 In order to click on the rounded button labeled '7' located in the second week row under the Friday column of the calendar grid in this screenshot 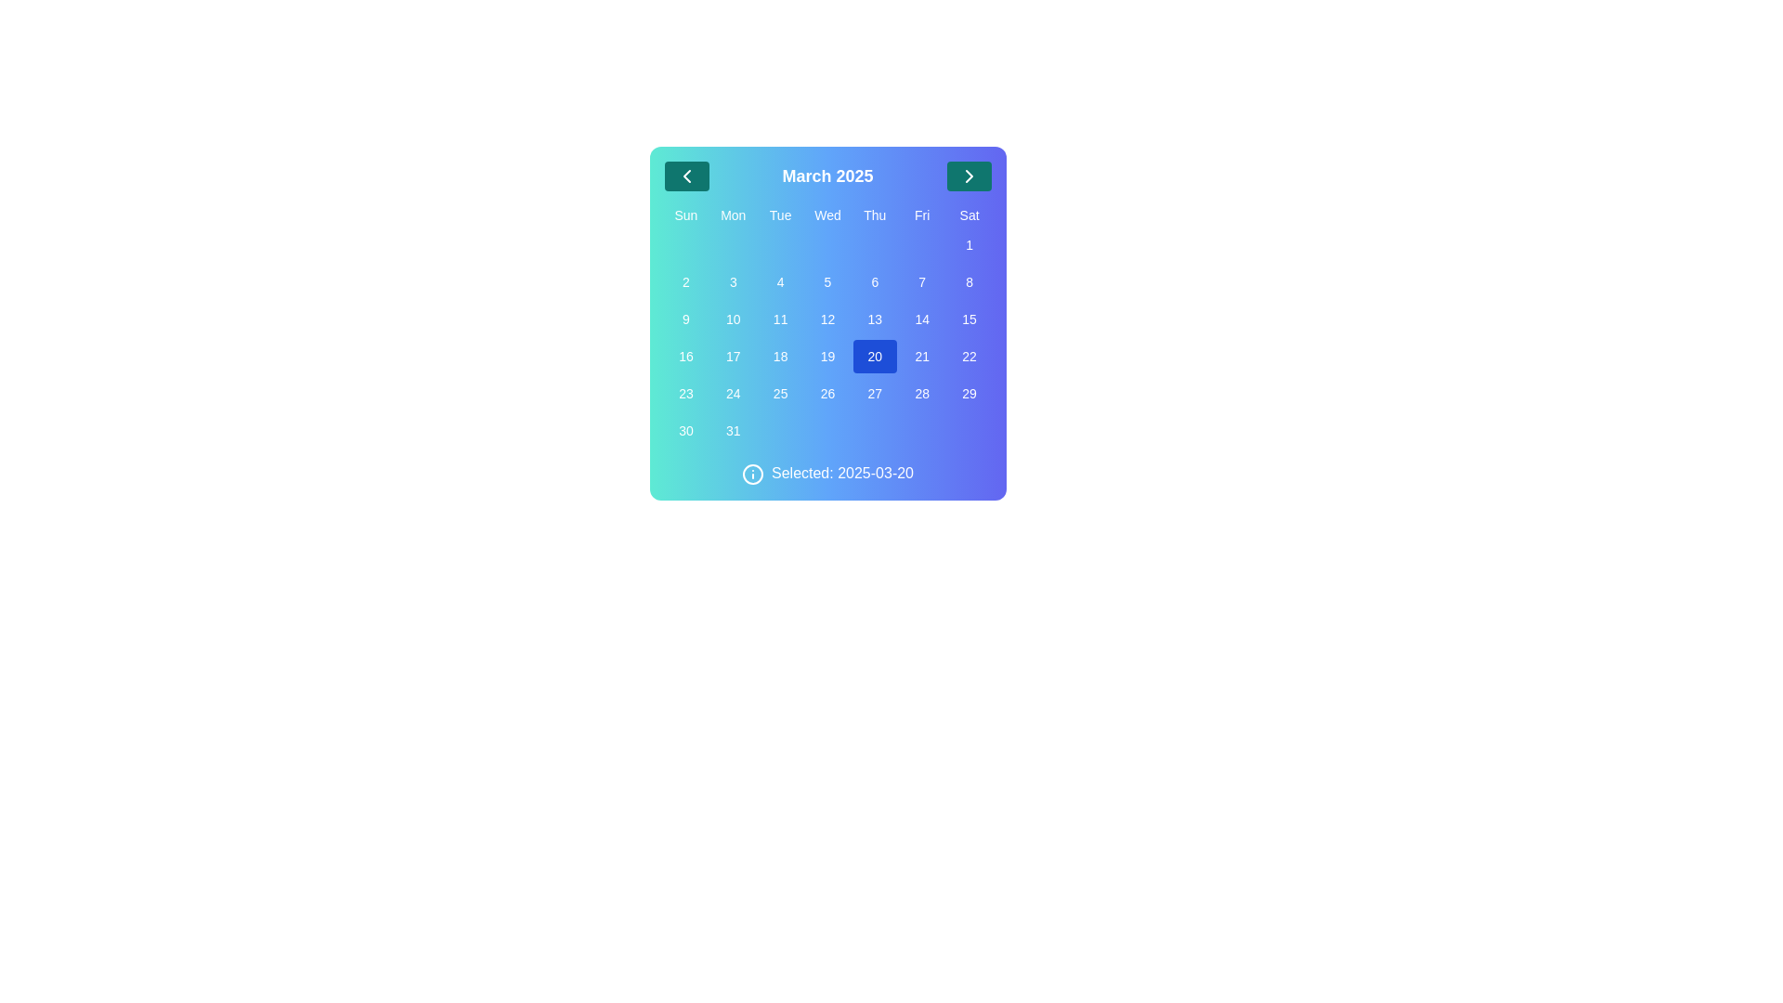, I will do `click(922, 282)`.